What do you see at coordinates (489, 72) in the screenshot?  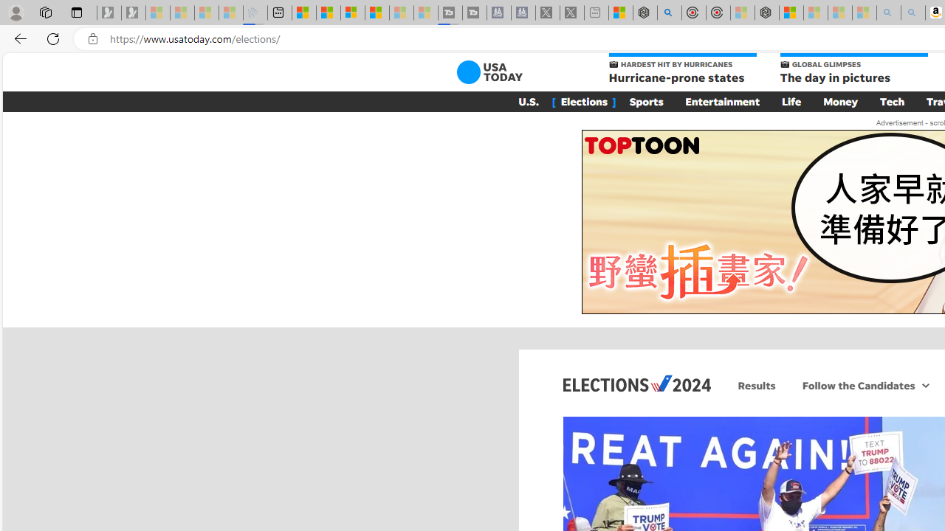 I see `'Class: gnt_n_lg_svg'` at bounding box center [489, 72].